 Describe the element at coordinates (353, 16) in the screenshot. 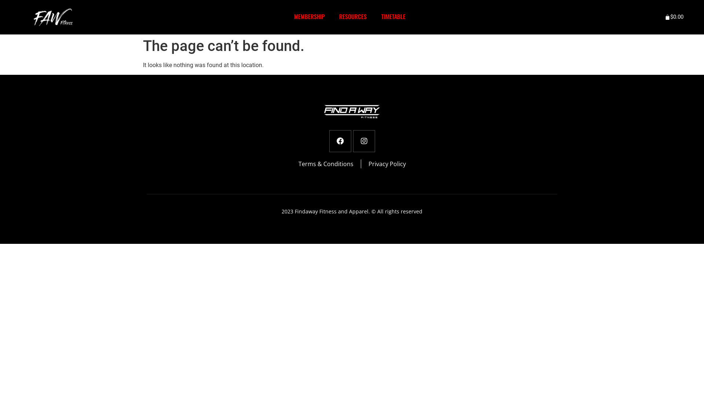

I see `'RESOURCES'` at that location.